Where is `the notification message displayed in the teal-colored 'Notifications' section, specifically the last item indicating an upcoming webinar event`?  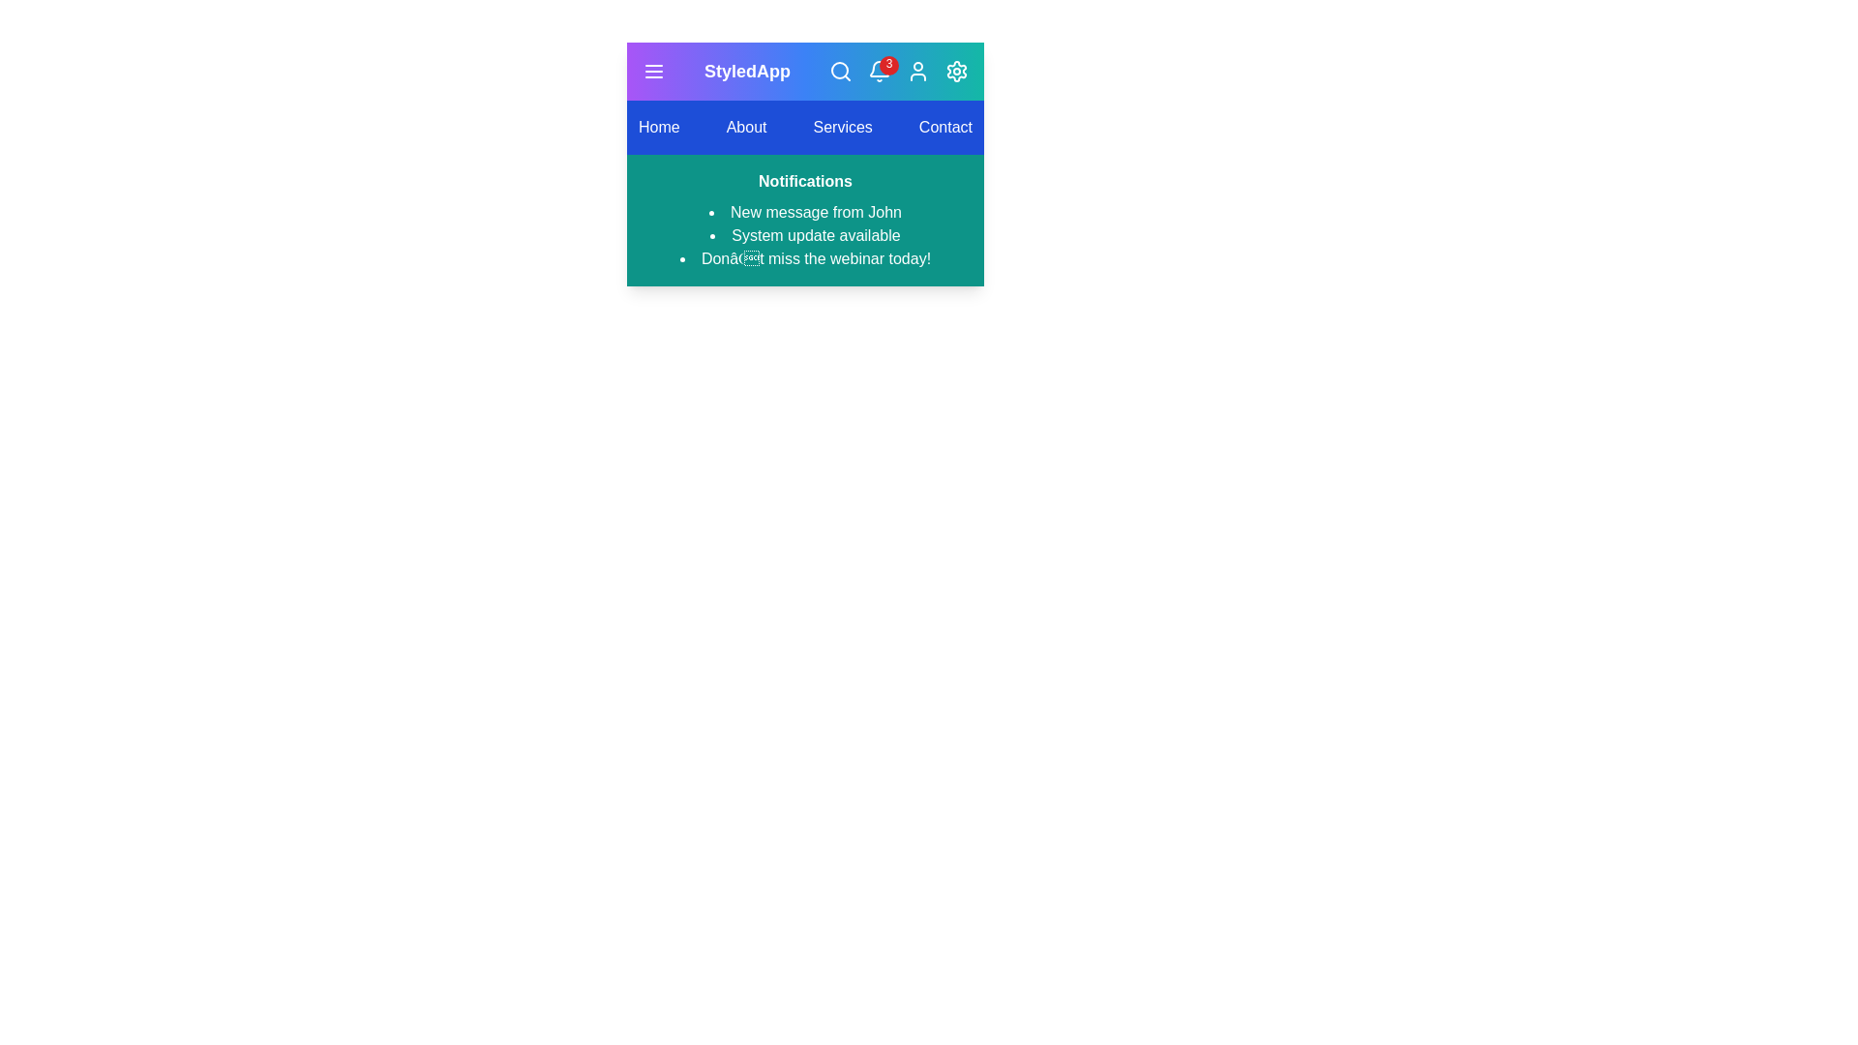
the notification message displayed in the teal-colored 'Notifications' section, specifically the last item indicating an upcoming webinar event is located at coordinates (805, 257).